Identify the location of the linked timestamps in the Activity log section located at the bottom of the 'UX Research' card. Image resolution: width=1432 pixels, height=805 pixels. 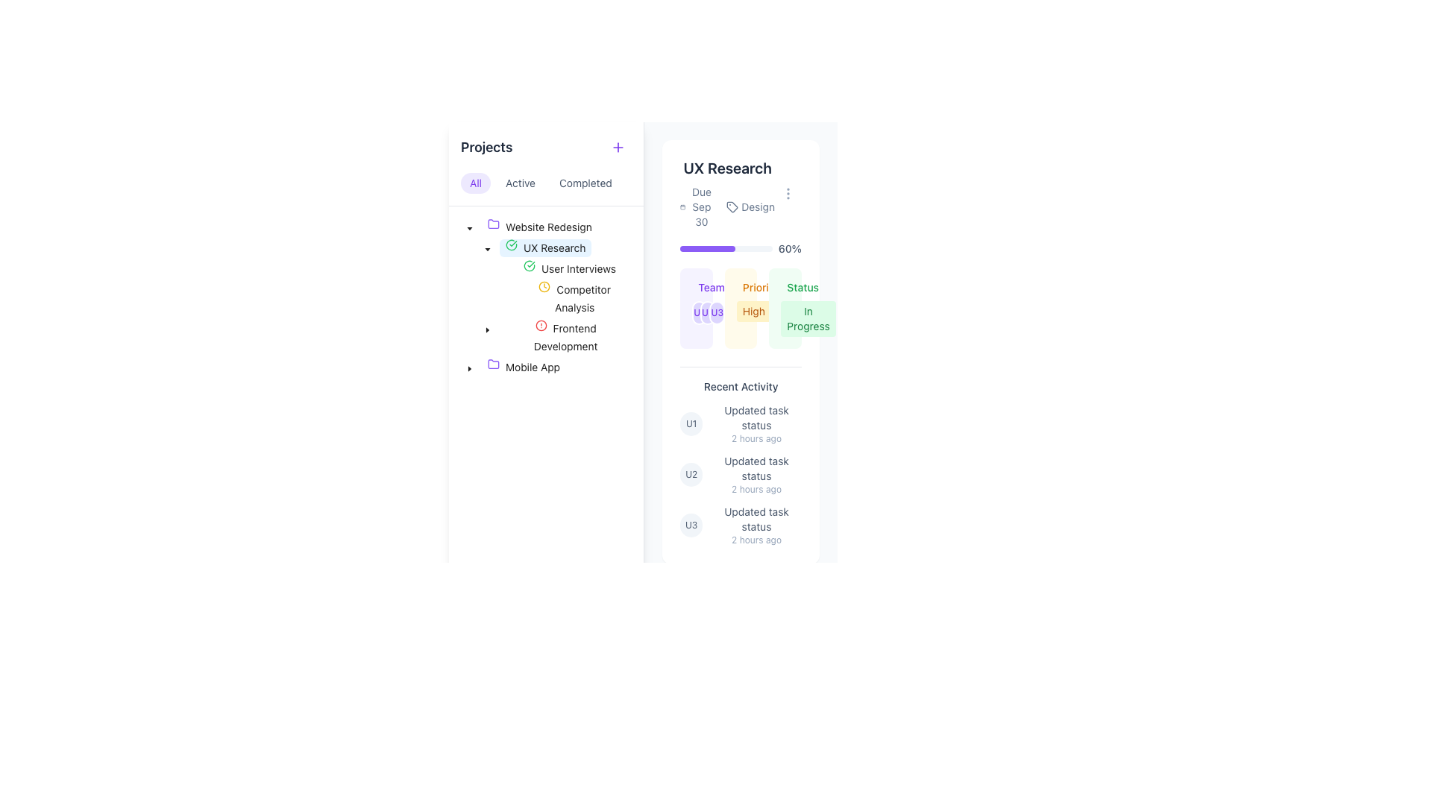
(741, 455).